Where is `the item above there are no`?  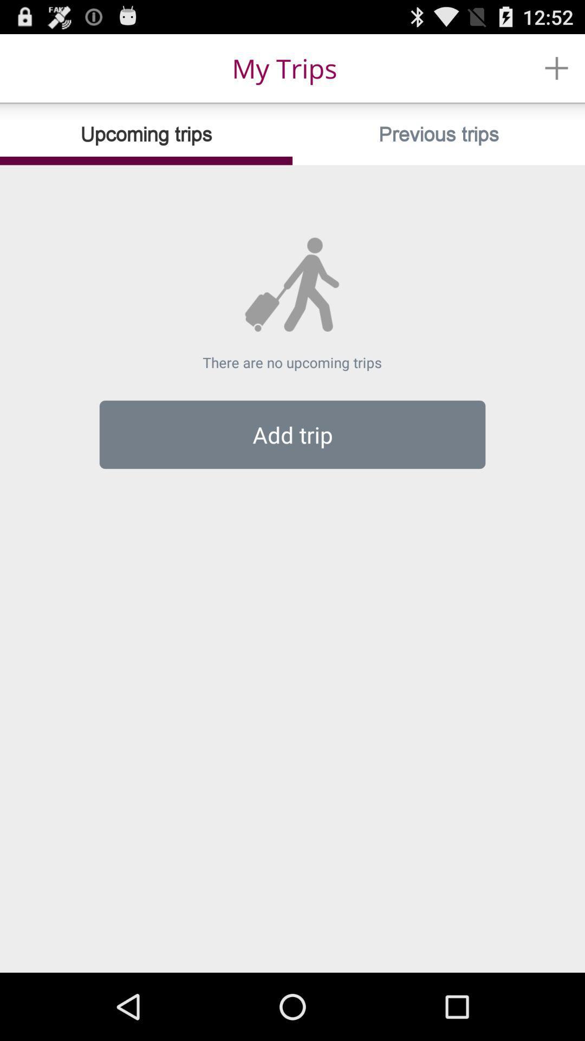
the item above there are no is located at coordinates (439, 134).